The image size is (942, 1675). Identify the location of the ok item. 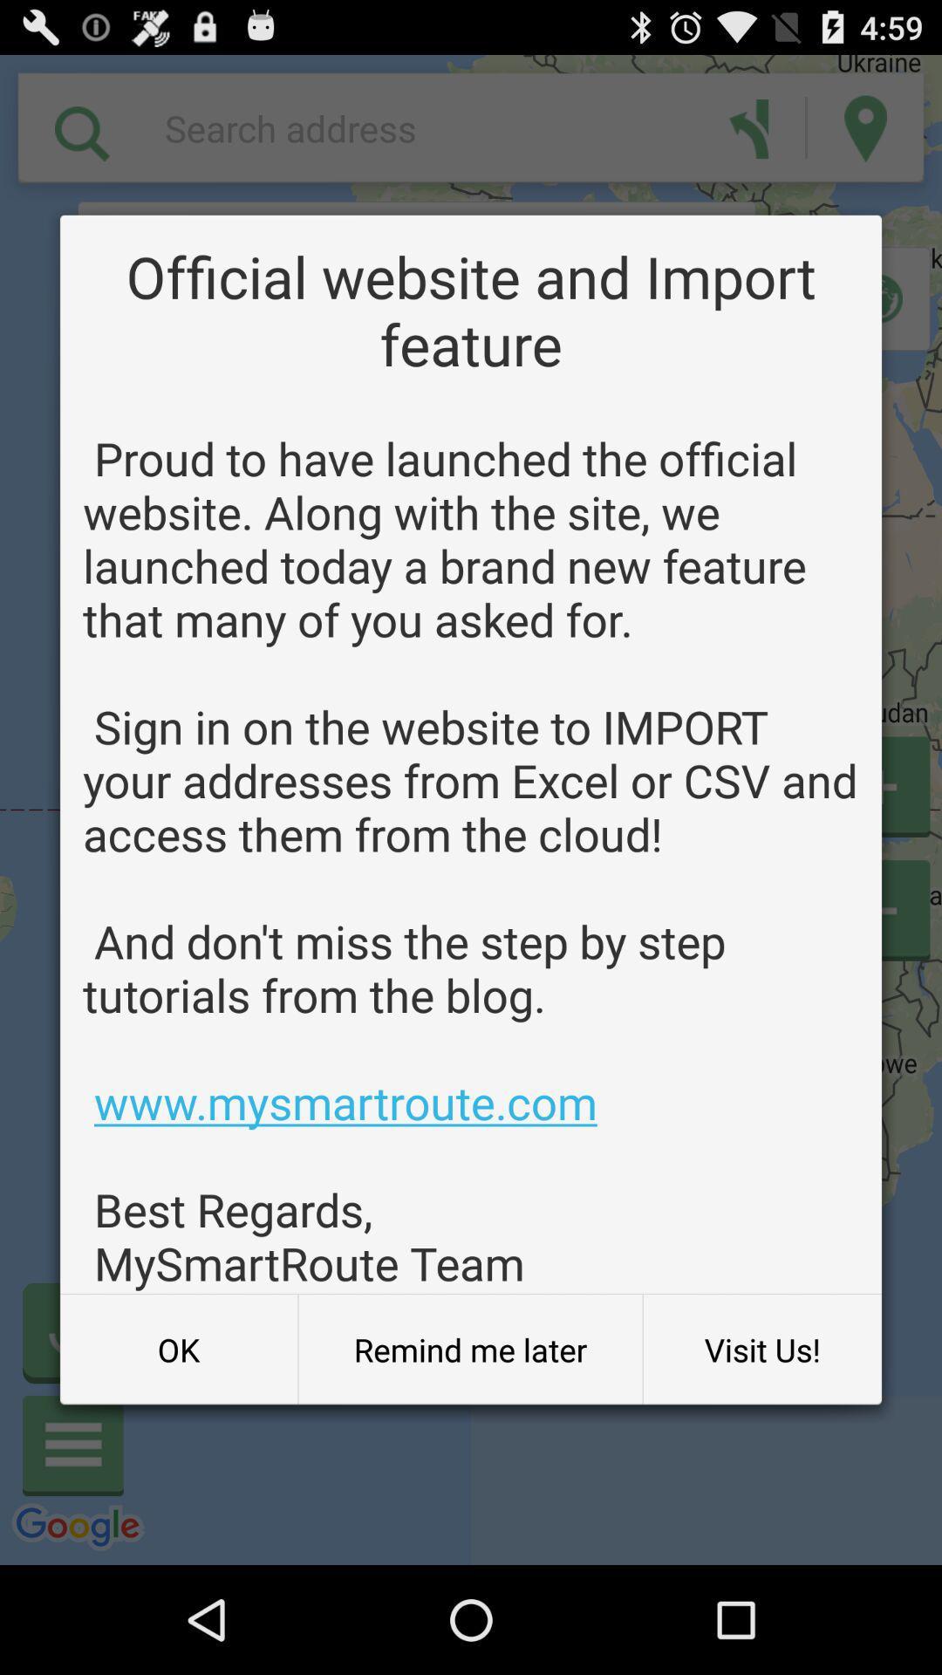
(179, 1349).